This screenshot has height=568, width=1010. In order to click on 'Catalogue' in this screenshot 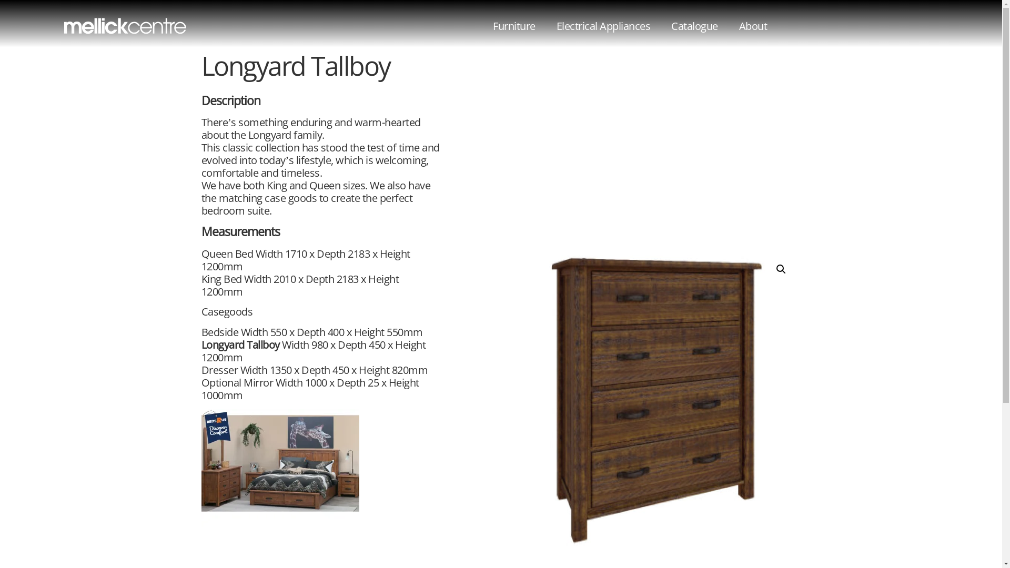, I will do `click(694, 26)`.